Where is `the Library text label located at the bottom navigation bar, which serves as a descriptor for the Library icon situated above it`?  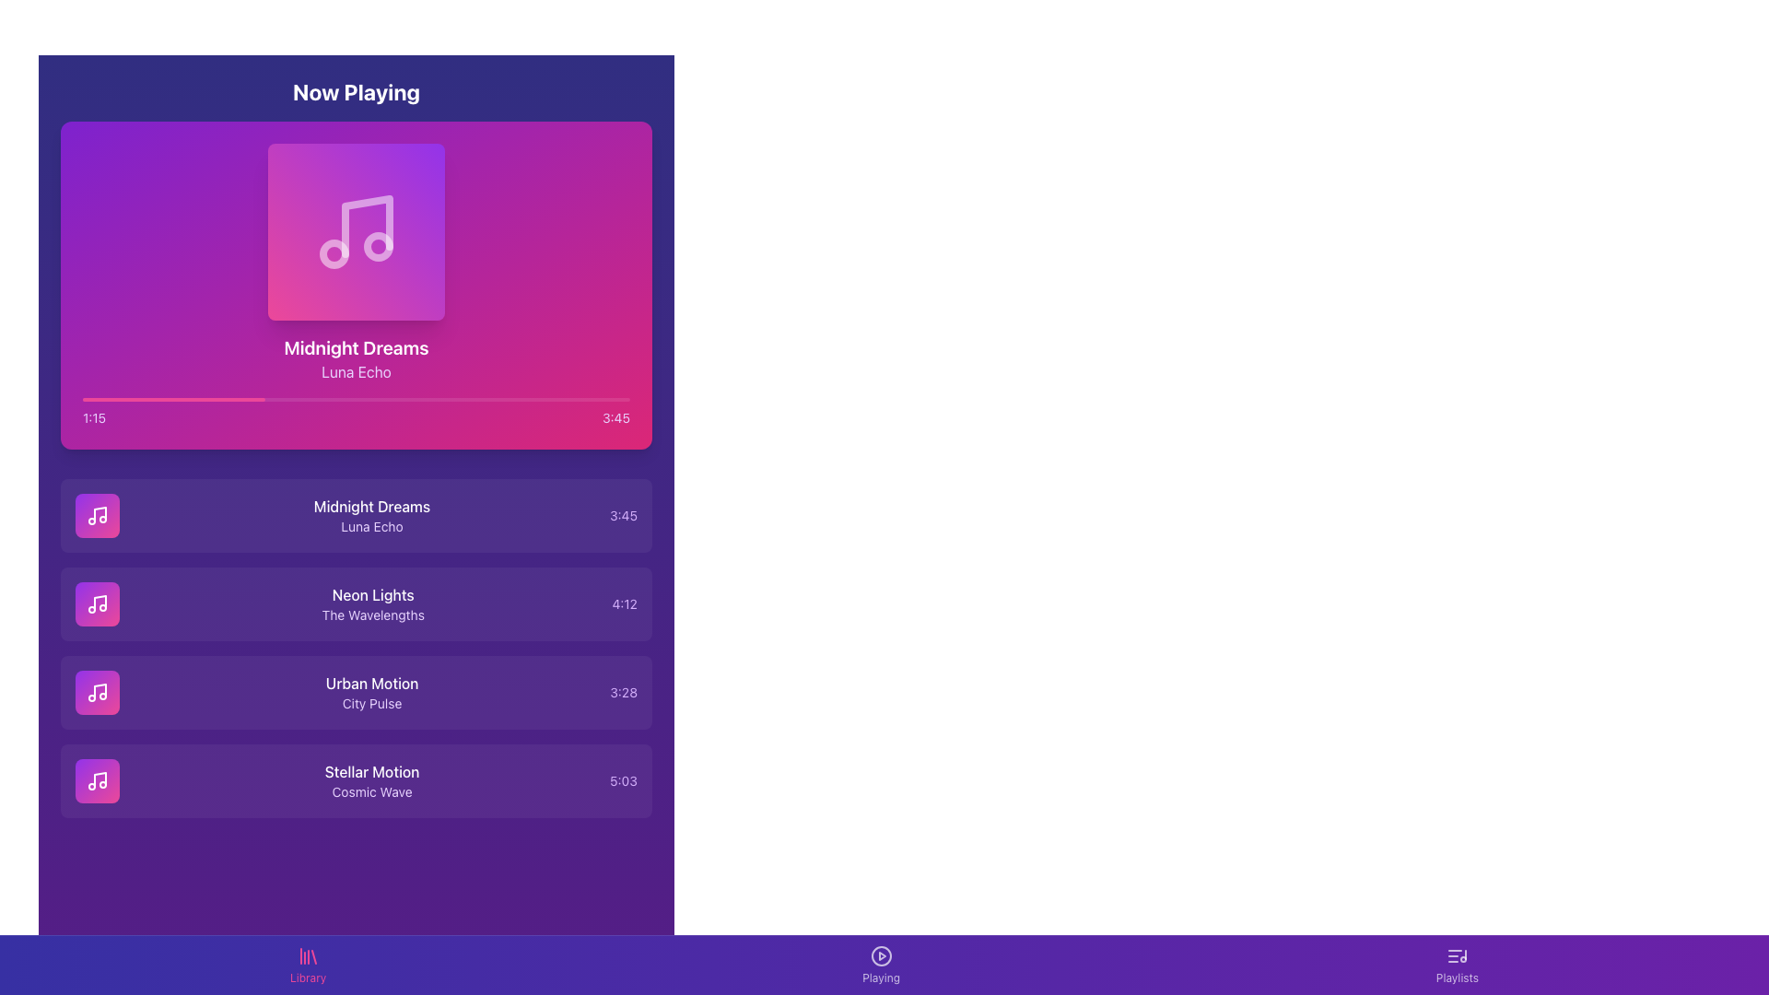 the Library text label located at the bottom navigation bar, which serves as a descriptor for the Library icon situated above it is located at coordinates (308, 977).